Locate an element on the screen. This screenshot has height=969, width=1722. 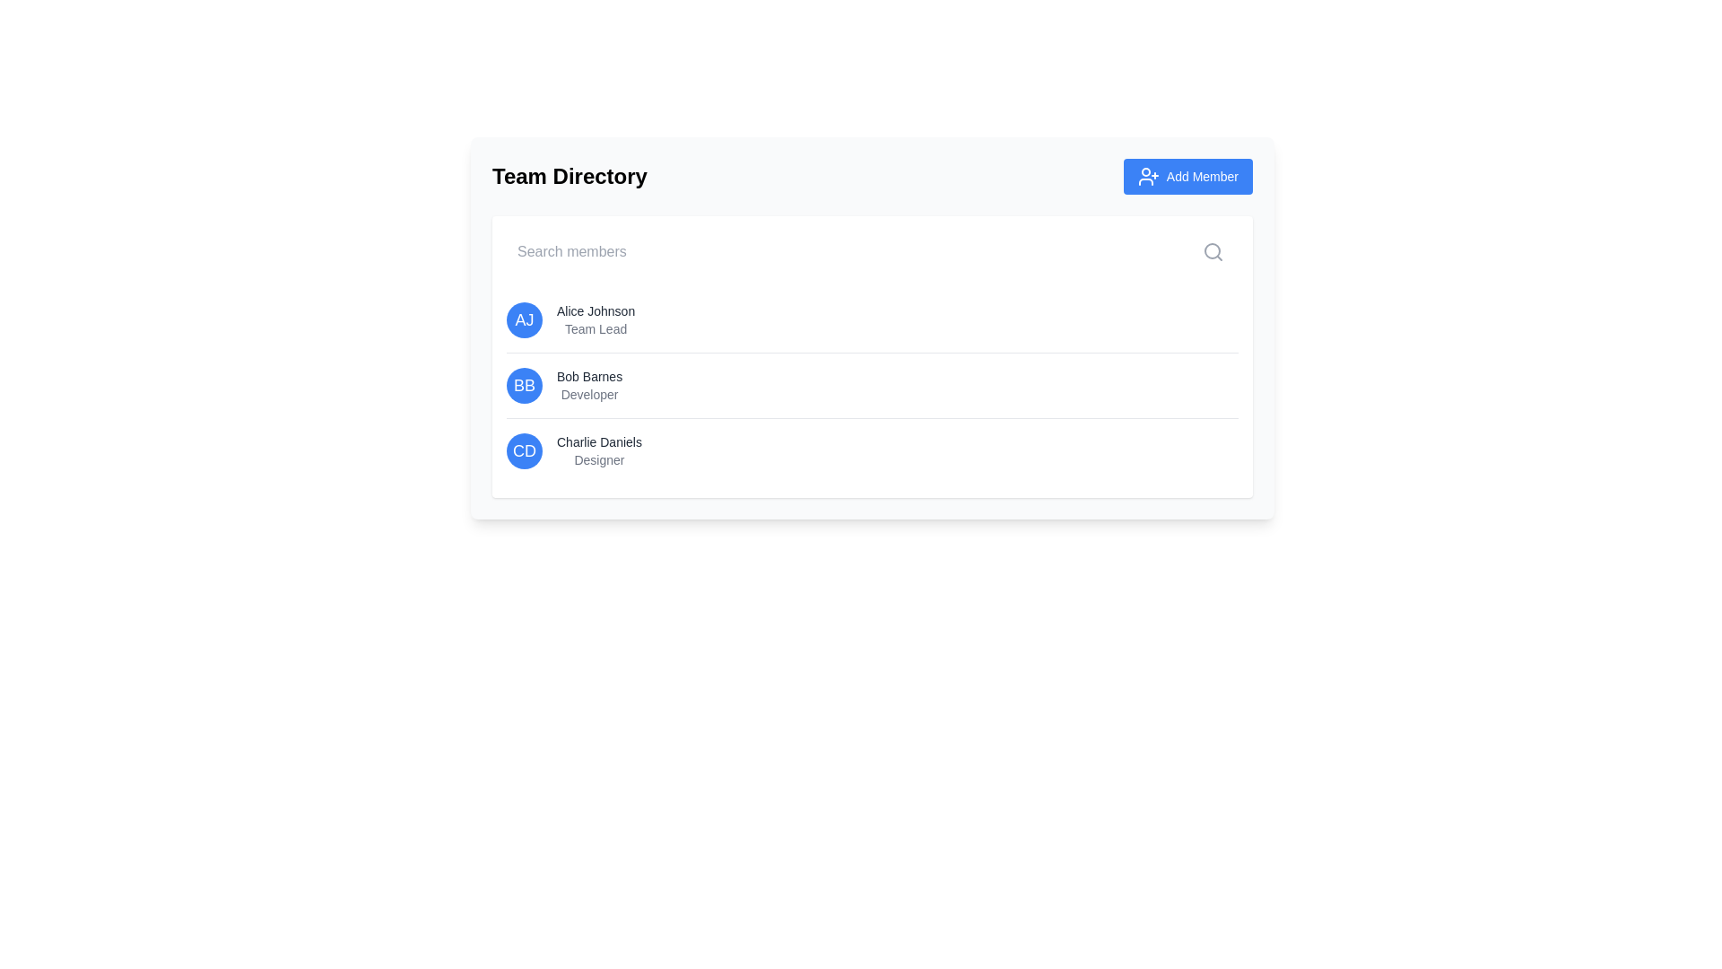
the text label displaying 'Developer', which is a small, gray font below the name 'Bob Barnes' in a user information card is located at coordinates (589, 393).